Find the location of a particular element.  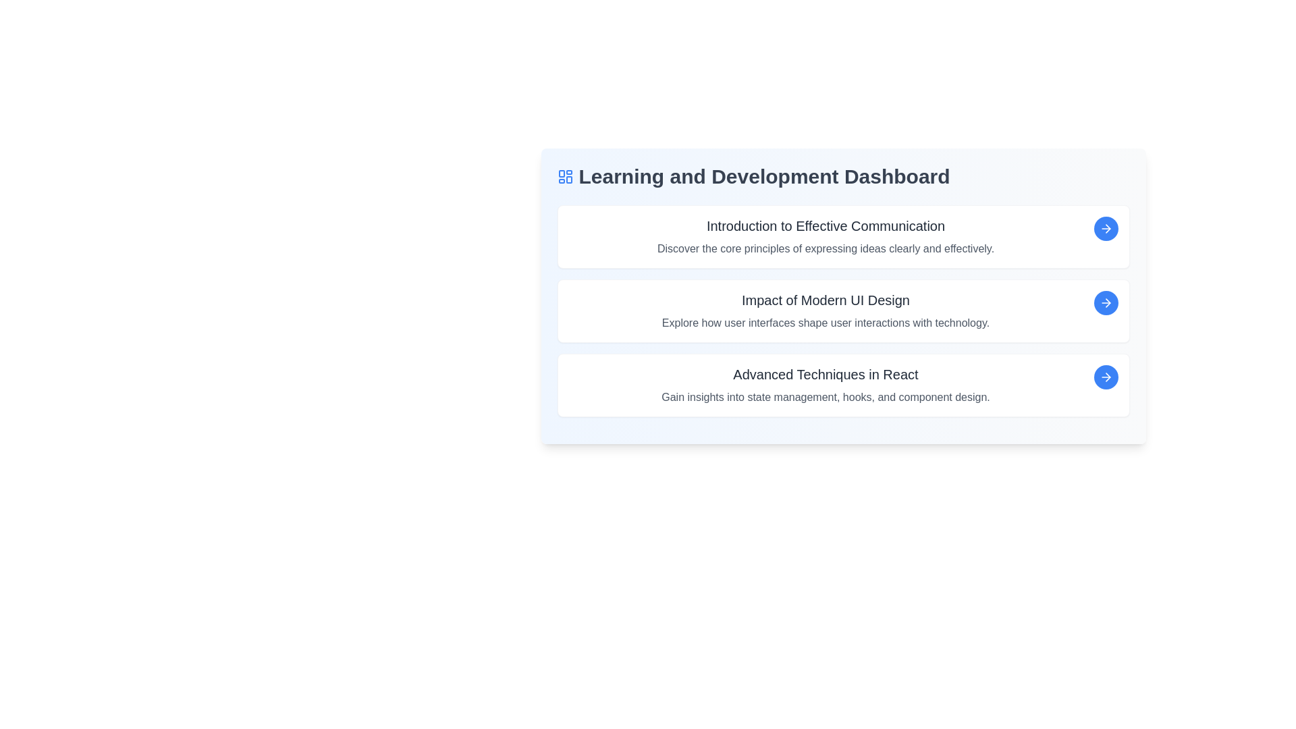

the A list item titled 'Impact of Modern UI Design', which describes its importance in user interactions, positioned between 'Introduction to Effective Communication' and 'Advanced Techniques in React' is located at coordinates (842, 311).